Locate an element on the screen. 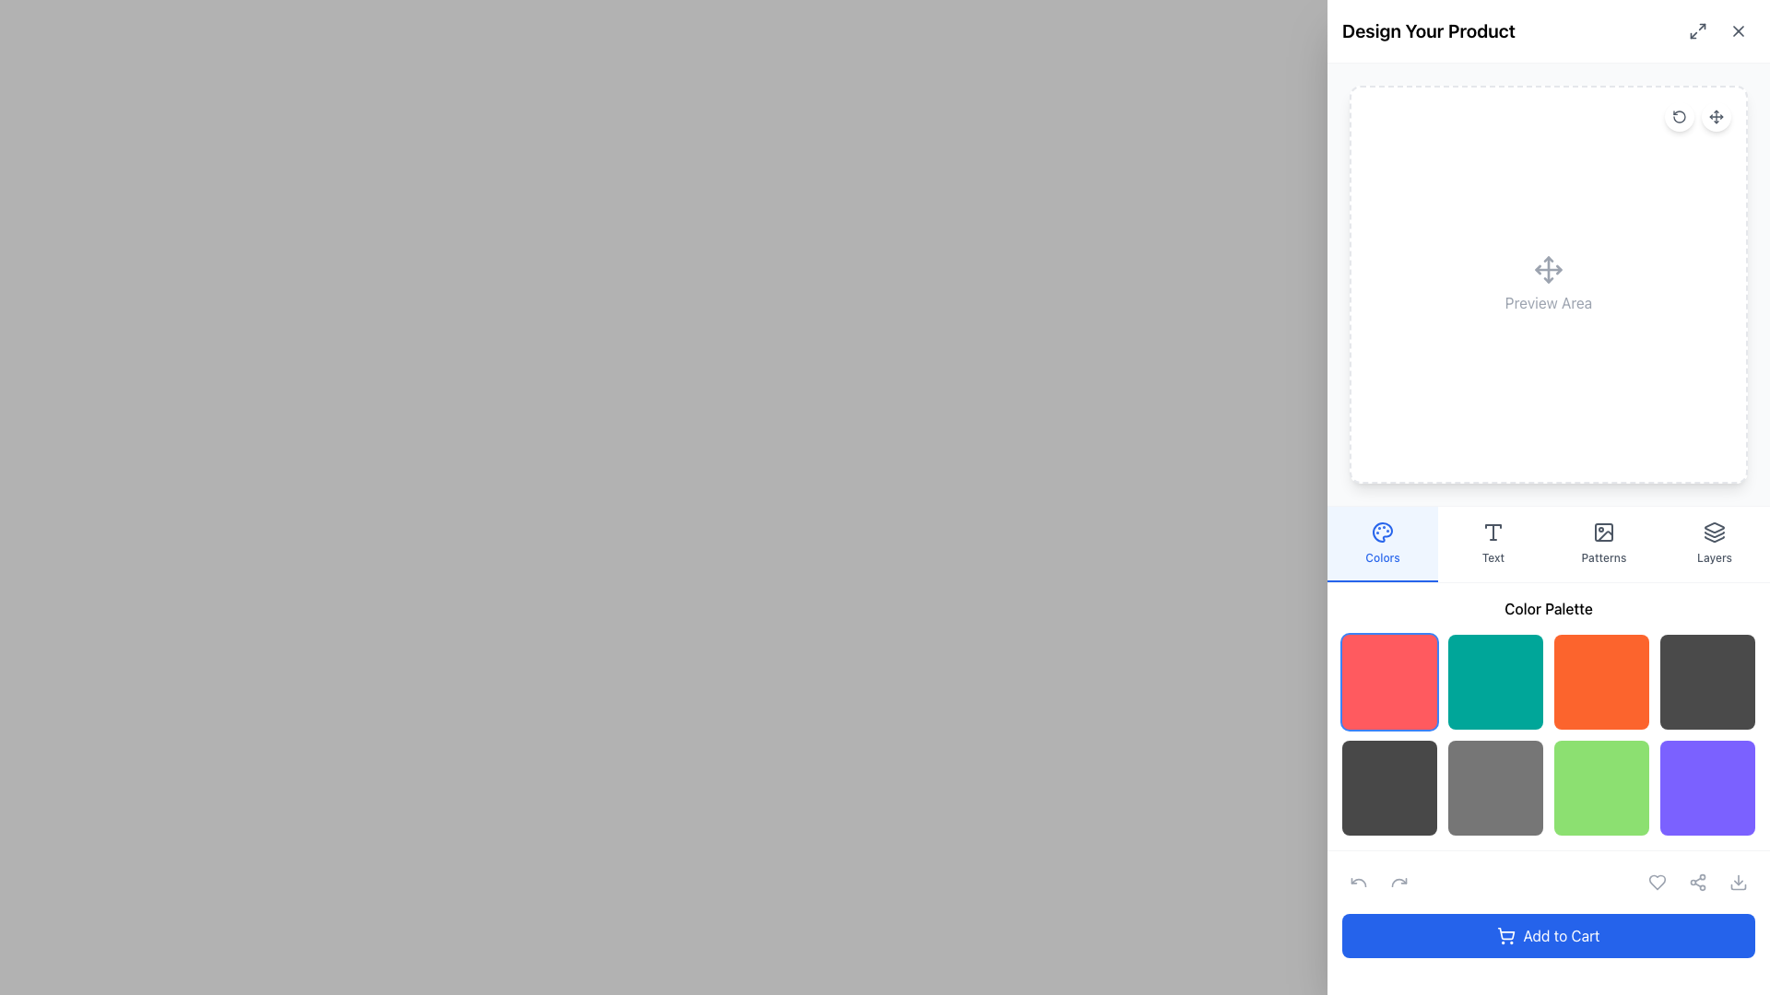 The height and width of the screenshot is (995, 1770). the share button, which is the second icon in a horizontal cluster located in the bottom bar of the interface, positioned between a heart icon and a download icon is located at coordinates (1697, 881).